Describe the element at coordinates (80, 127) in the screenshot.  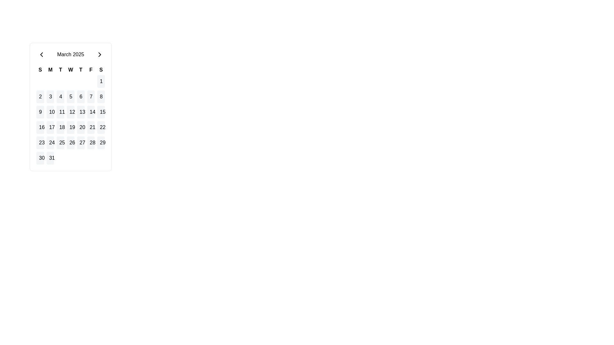
I see `the square-shaped button with a light gray background and rounded corners containing the number '20' in bold black text` at that location.